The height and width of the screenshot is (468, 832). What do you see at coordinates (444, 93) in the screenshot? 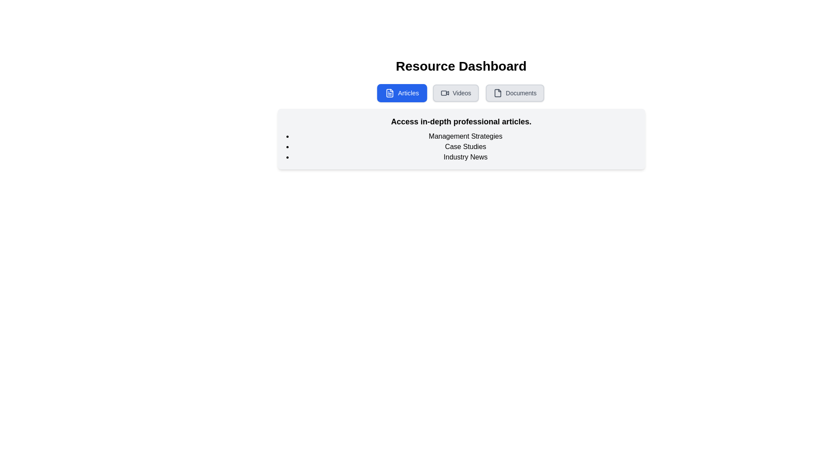
I see `the rectangular component within the video icon of the 'Videos' button, which is centrally positioned in relation to other category buttons like 'Articles' and 'Documents'` at bounding box center [444, 93].